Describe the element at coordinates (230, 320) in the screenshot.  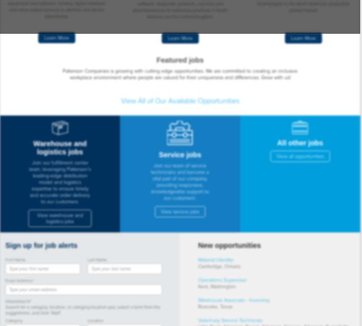
I see `'Veterinary Service Technician'` at that location.